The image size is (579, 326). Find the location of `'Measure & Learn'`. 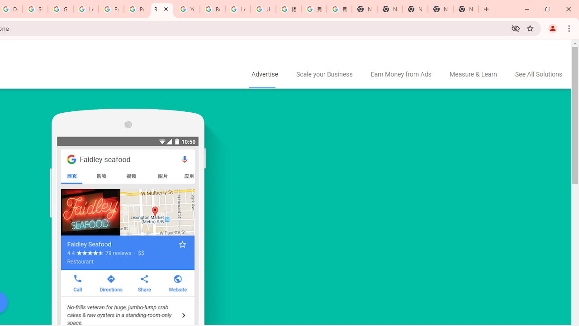

'Measure & Learn' is located at coordinates (473, 74).